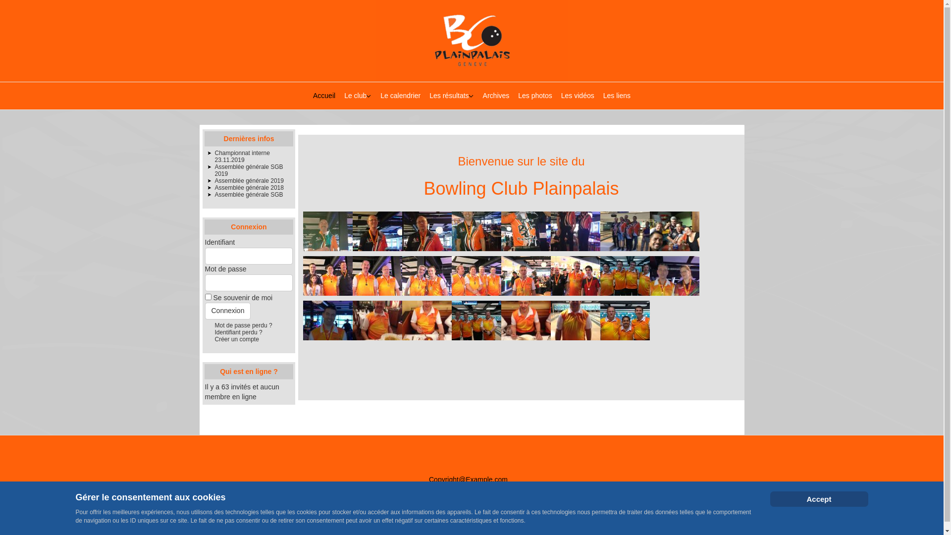 The image size is (951, 535). What do you see at coordinates (214, 332) in the screenshot?
I see `'Identifiant perdu ?'` at bounding box center [214, 332].